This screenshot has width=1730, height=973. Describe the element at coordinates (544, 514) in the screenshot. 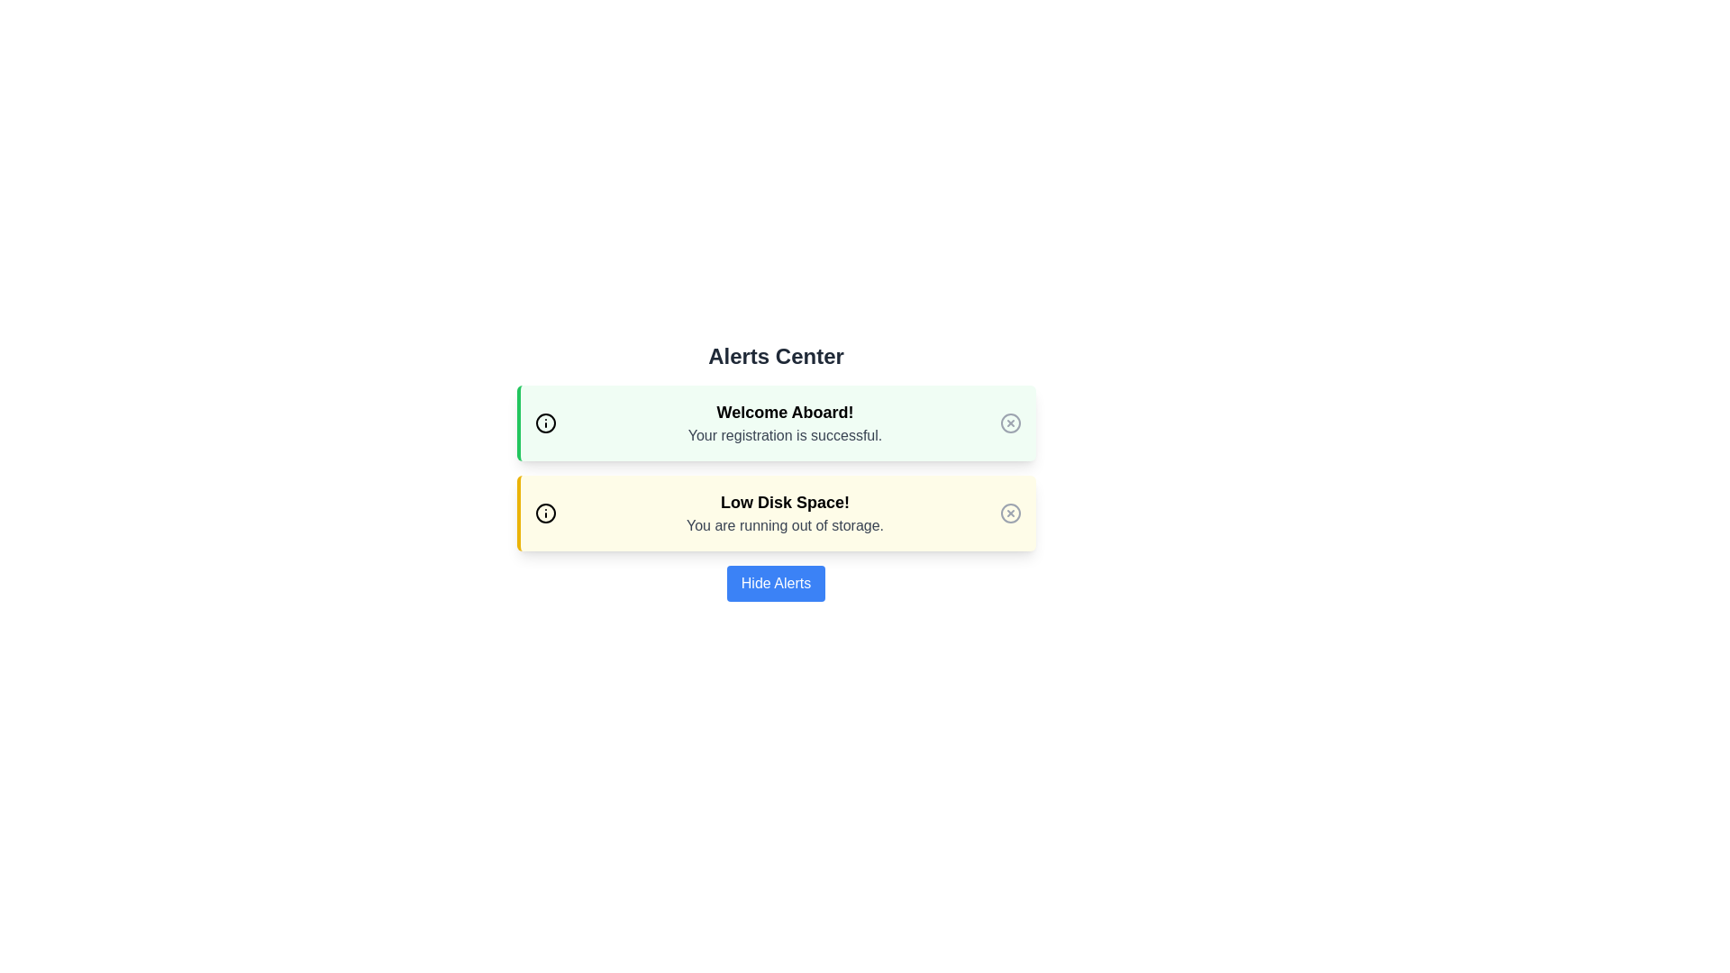

I see `the circular information icon with a black outline located within the yellow notification box that contains the text 'Low Disk Space!' for more information` at that location.